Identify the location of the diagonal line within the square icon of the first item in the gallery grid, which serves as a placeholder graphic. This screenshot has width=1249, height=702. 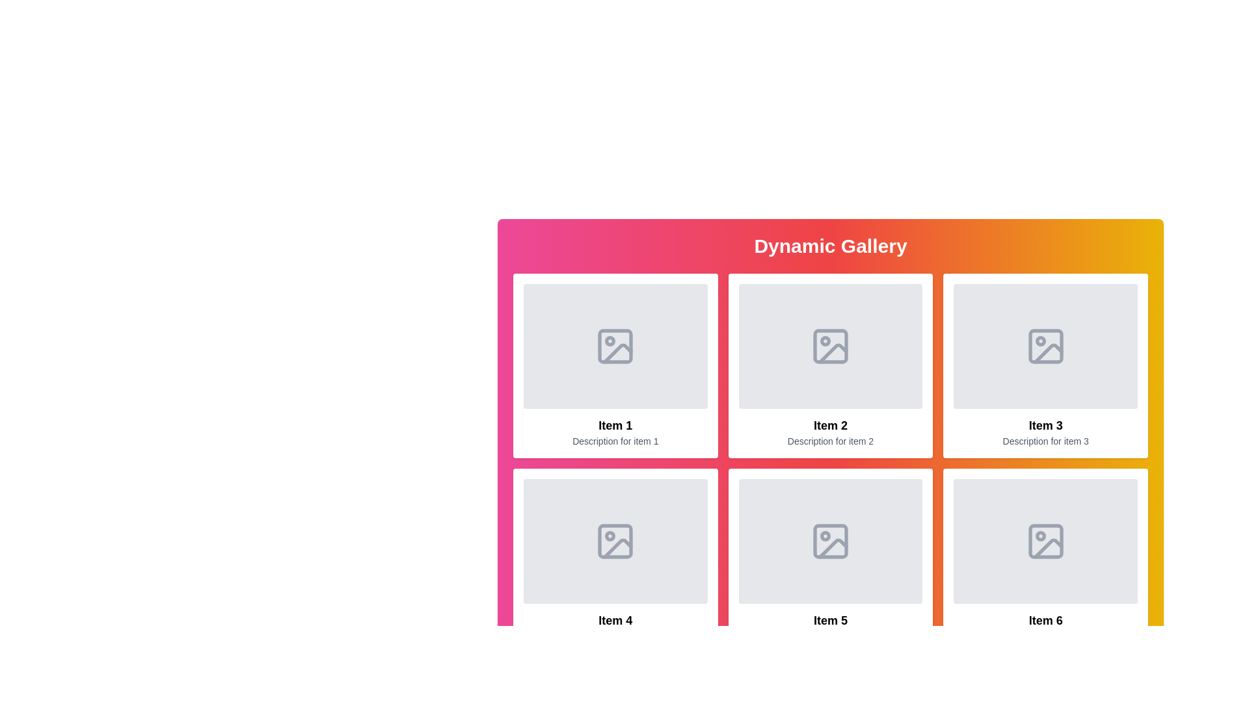
(617, 354).